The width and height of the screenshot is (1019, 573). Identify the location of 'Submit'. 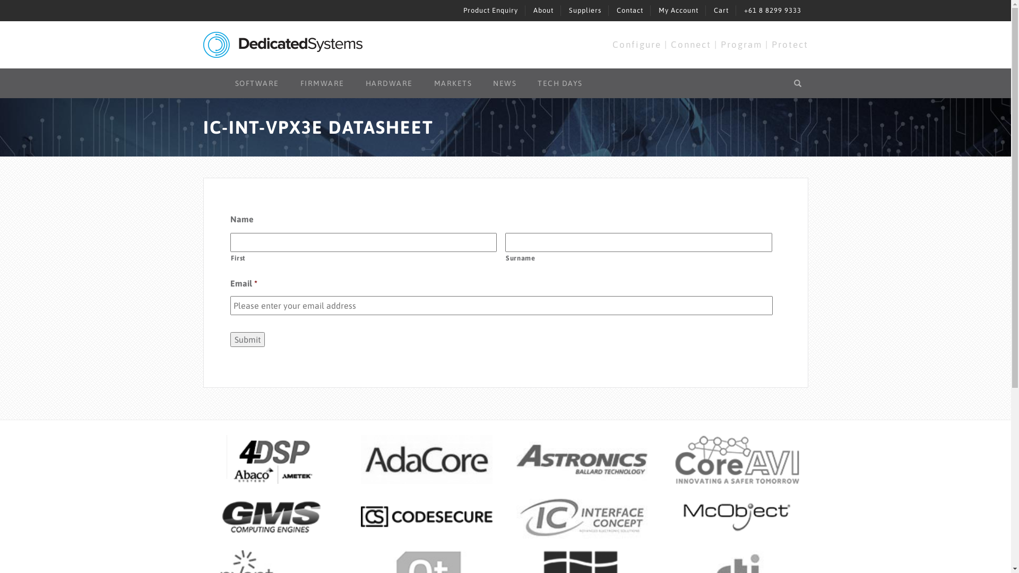
(247, 340).